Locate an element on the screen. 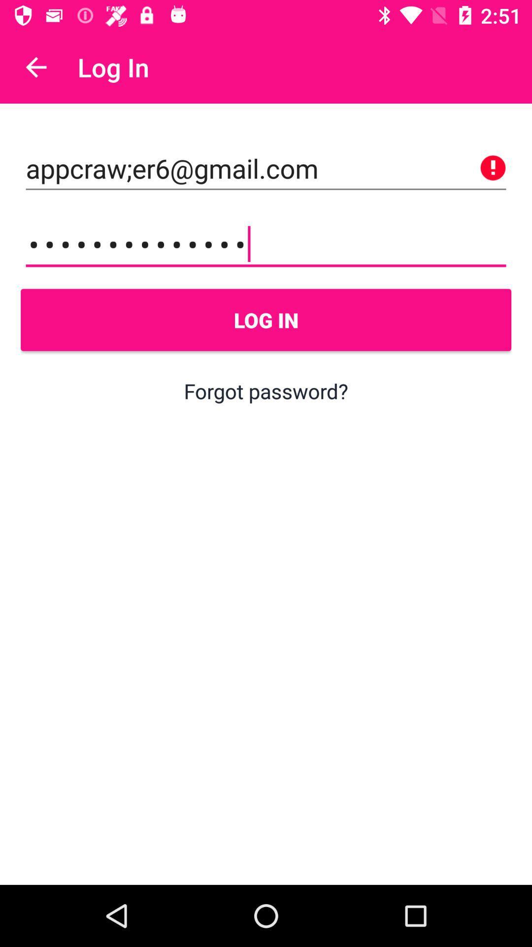  the forgot password? item is located at coordinates (266, 390).